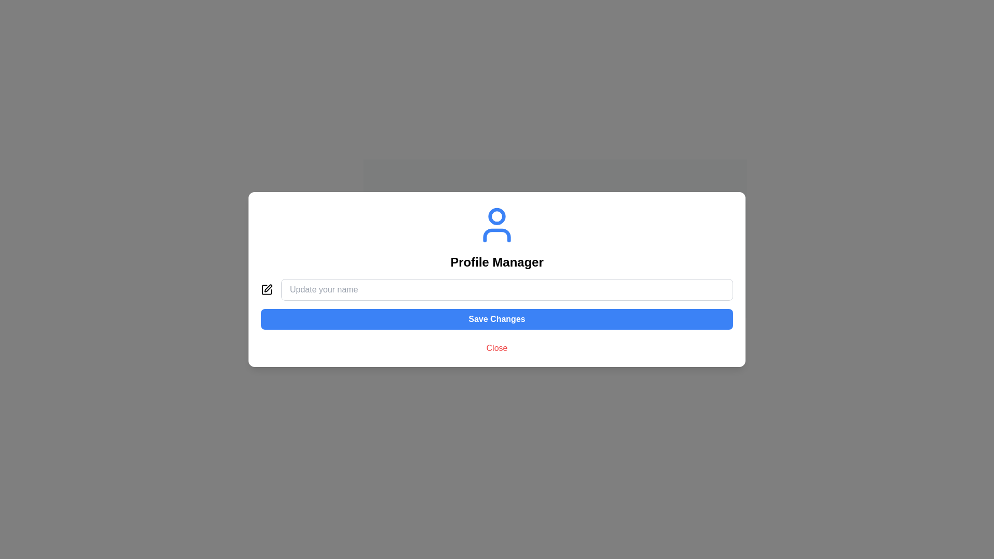 This screenshot has height=559, width=994. What do you see at coordinates (497, 215) in the screenshot?
I see `the user icon representation, which is a circular element positioned centrally above its sibling element in the SVG icon` at bounding box center [497, 215].